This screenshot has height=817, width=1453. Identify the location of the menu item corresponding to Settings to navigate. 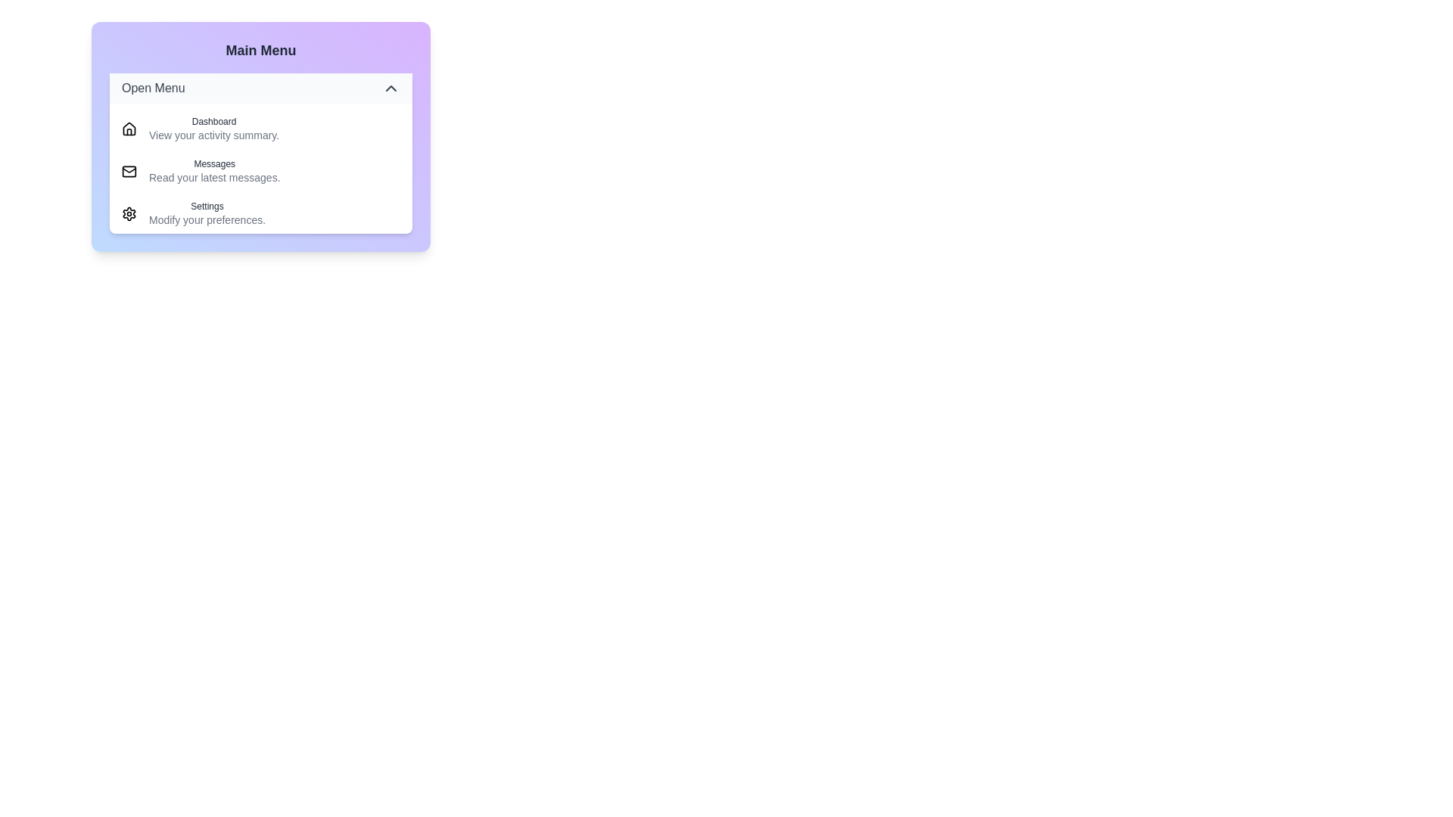
(261, 213).